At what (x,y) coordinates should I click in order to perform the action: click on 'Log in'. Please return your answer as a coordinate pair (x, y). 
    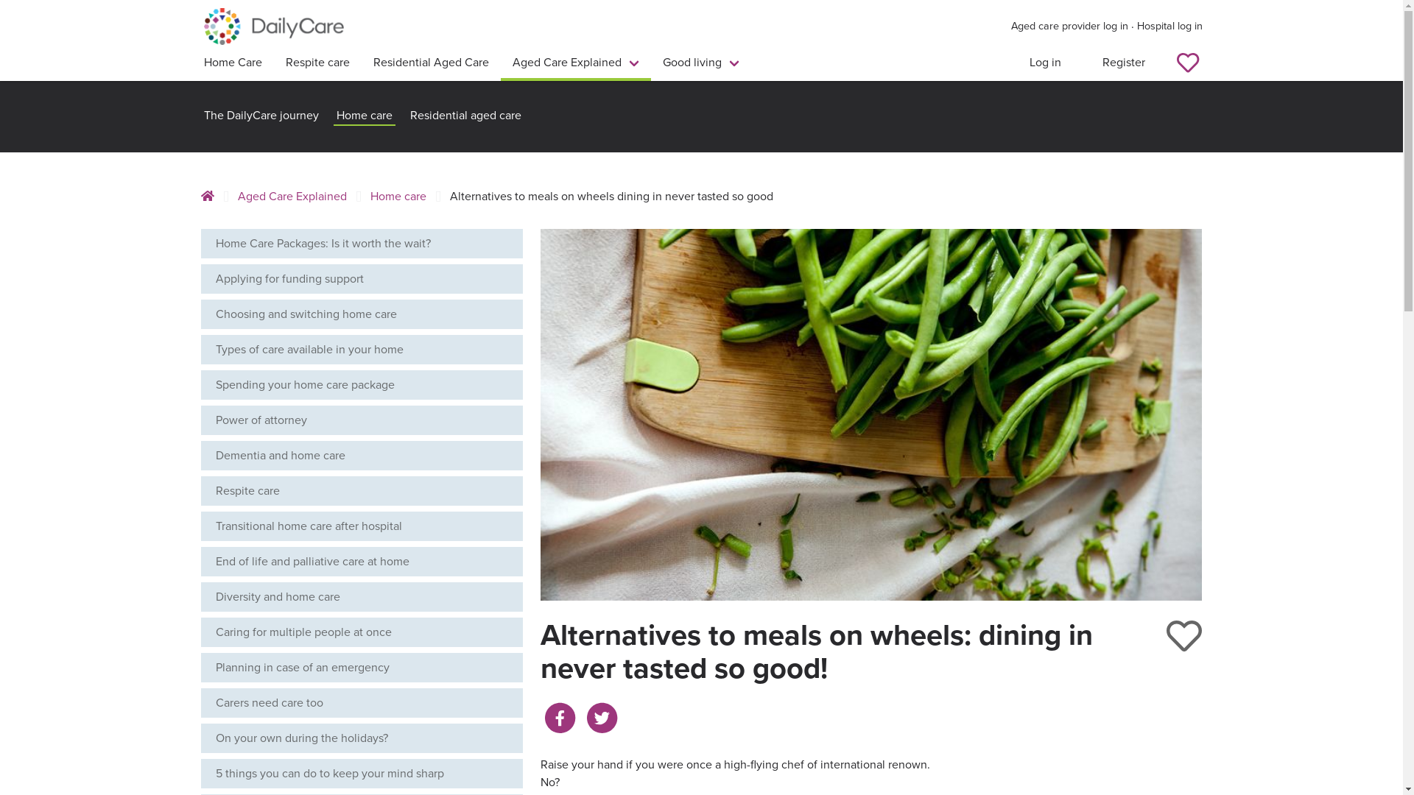
    Looking at the image, I should click on (1044, 63).